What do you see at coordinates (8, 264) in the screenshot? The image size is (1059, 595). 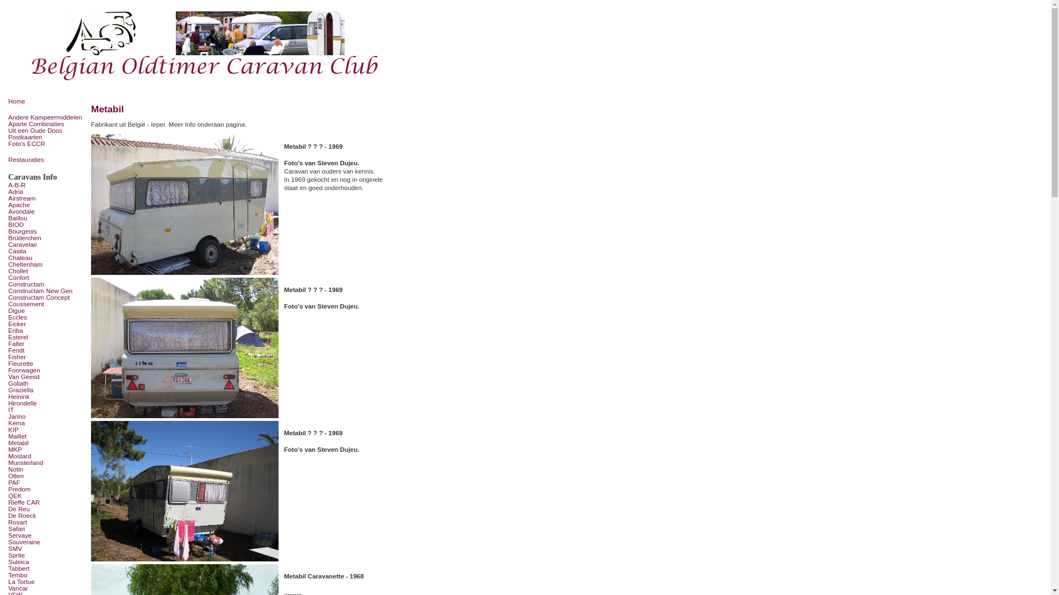 I see `'Cheltenham'` at bounding box center [8, 264].